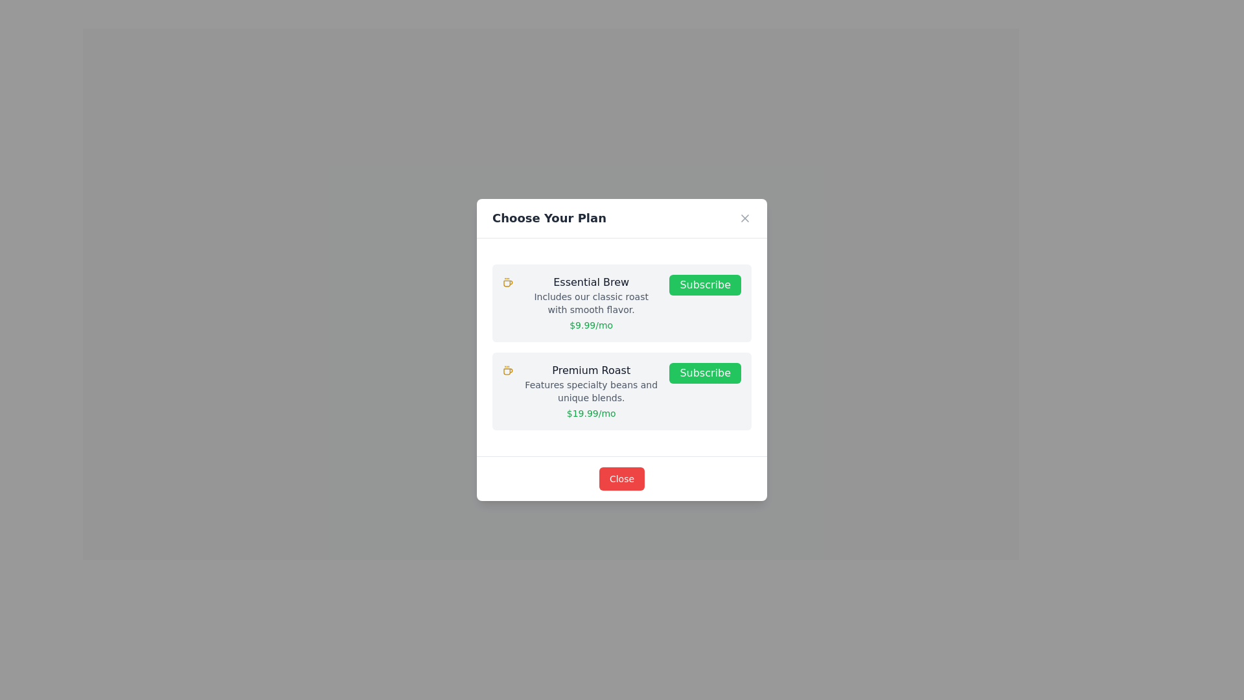  I want to click on the close button icon in the top-right corner of the 'Choose Your Plan' modal dialog, so click(745, 217).